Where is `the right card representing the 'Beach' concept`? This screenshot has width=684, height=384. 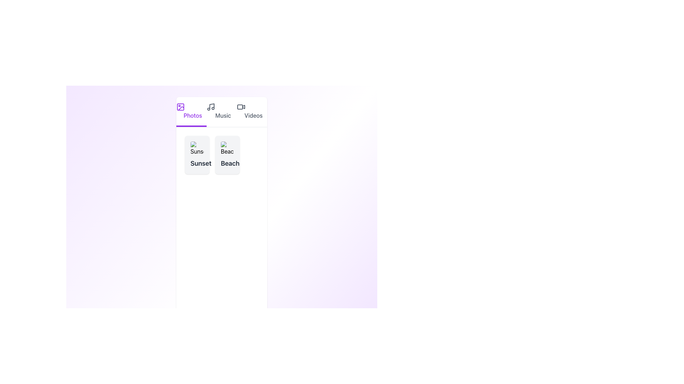
the right card representing the 'Beach' concept is located at coordinates (221, 154).